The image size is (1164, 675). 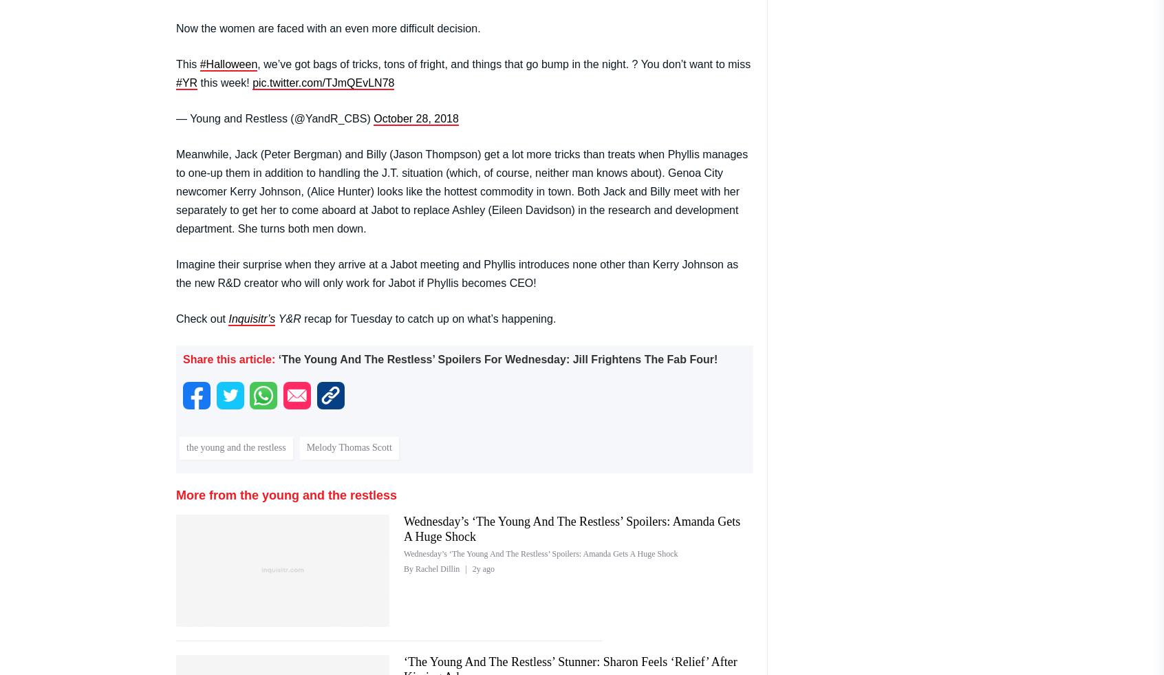 What do you see at coordinates (323, 81) in the screenshot?
I see `'pic.twitter.com/TJmQEvLN78'` at bounding box center [323, 81].